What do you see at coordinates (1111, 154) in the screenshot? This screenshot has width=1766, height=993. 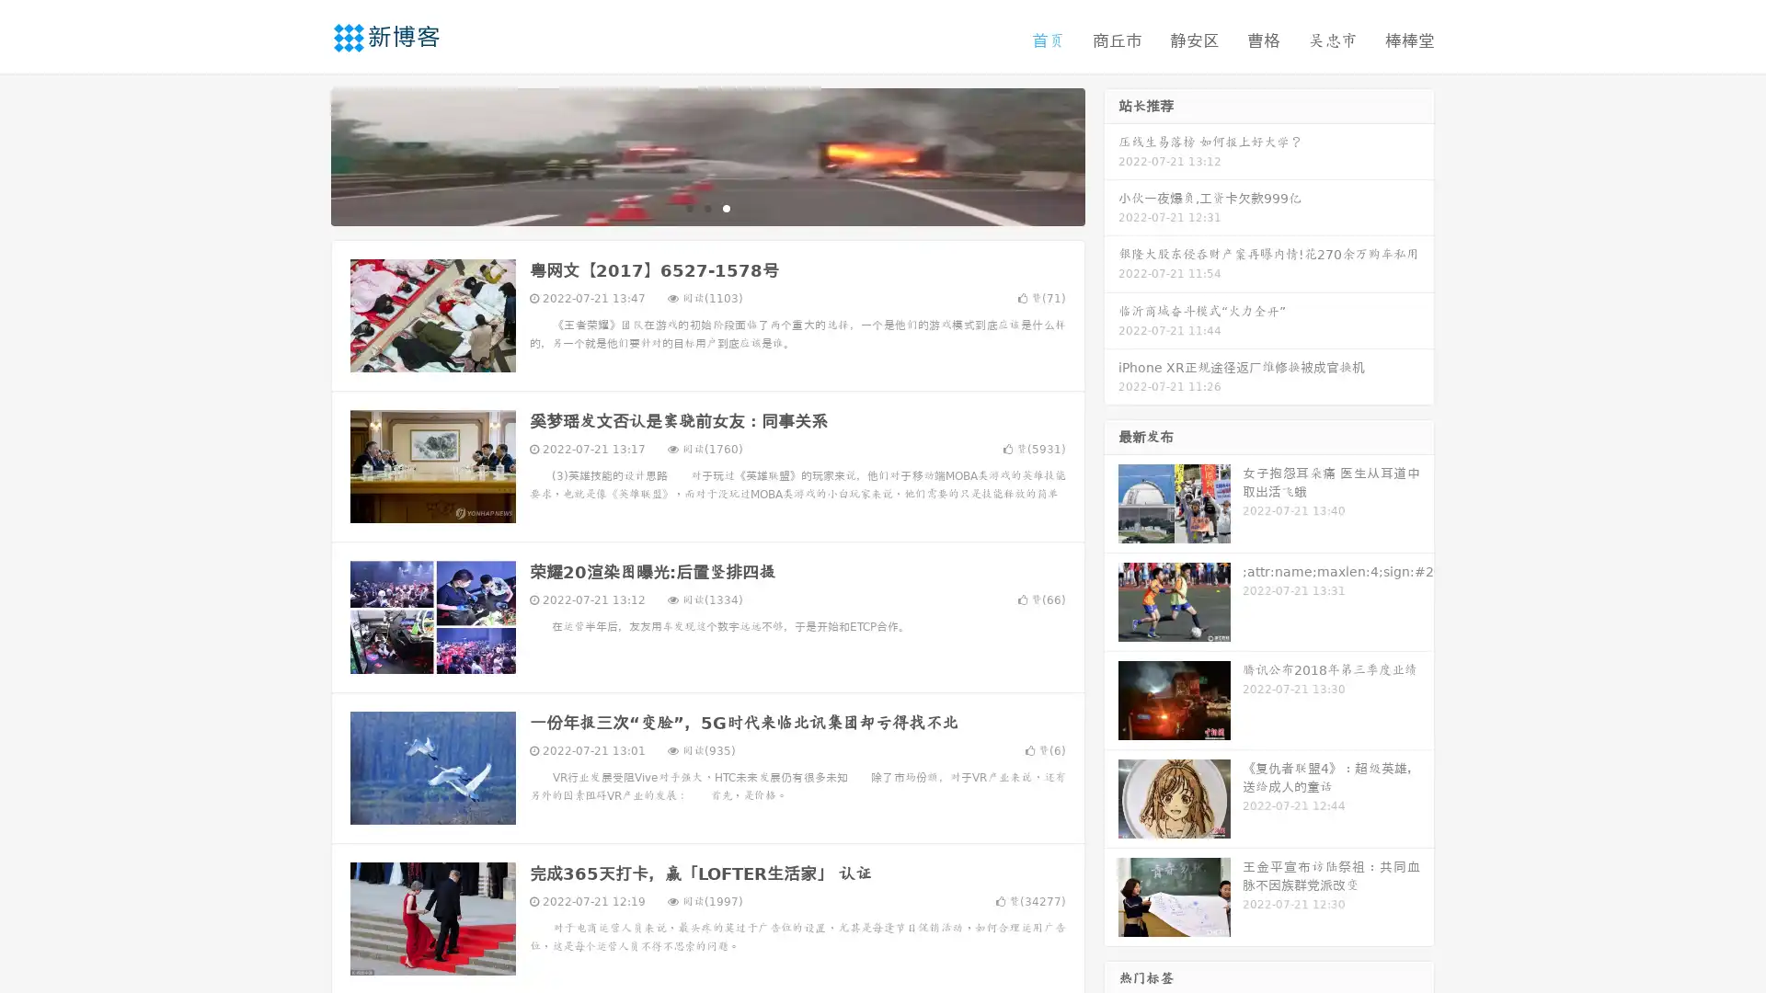 I see `Next slide` at bounding box center [1111, 154].